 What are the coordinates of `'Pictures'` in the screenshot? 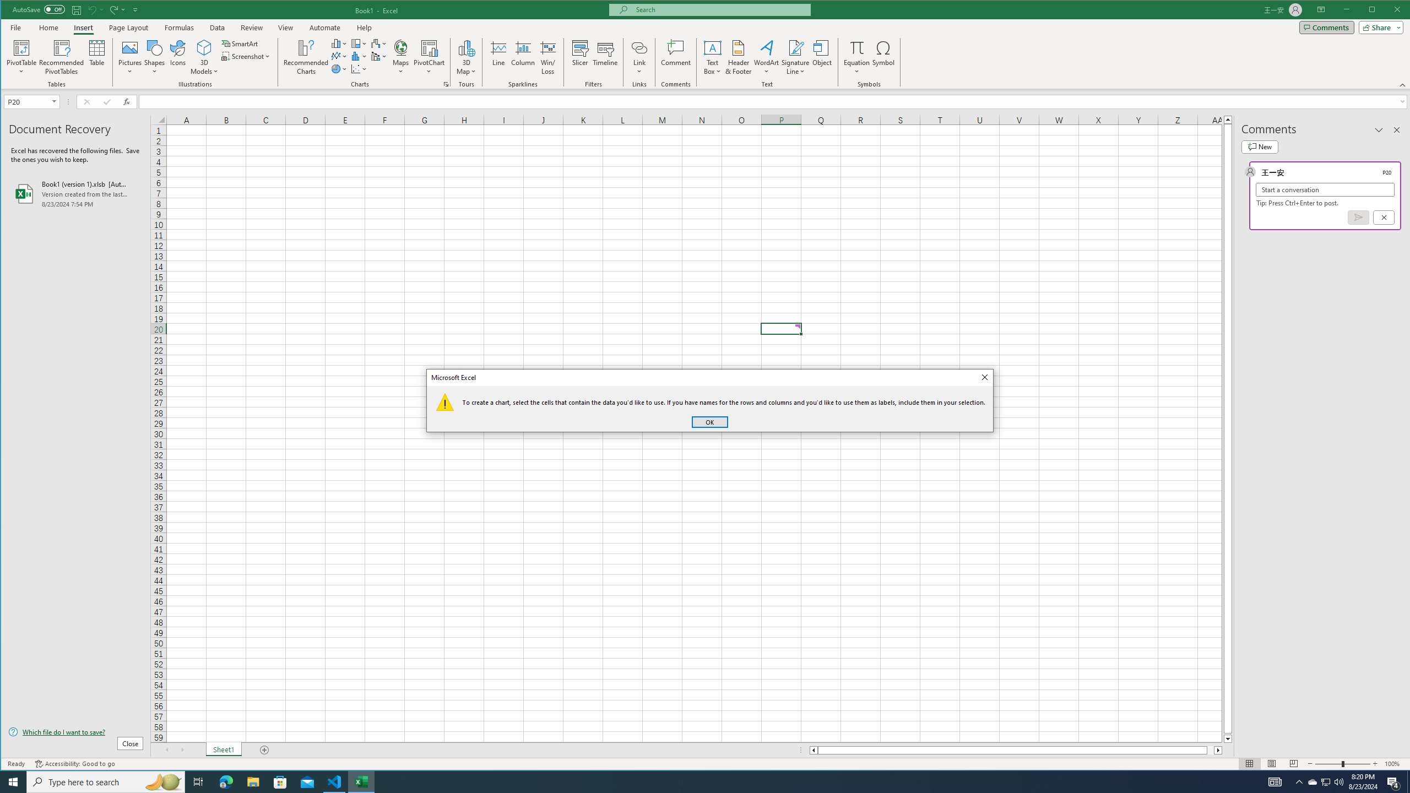 It's located at (130, 57).